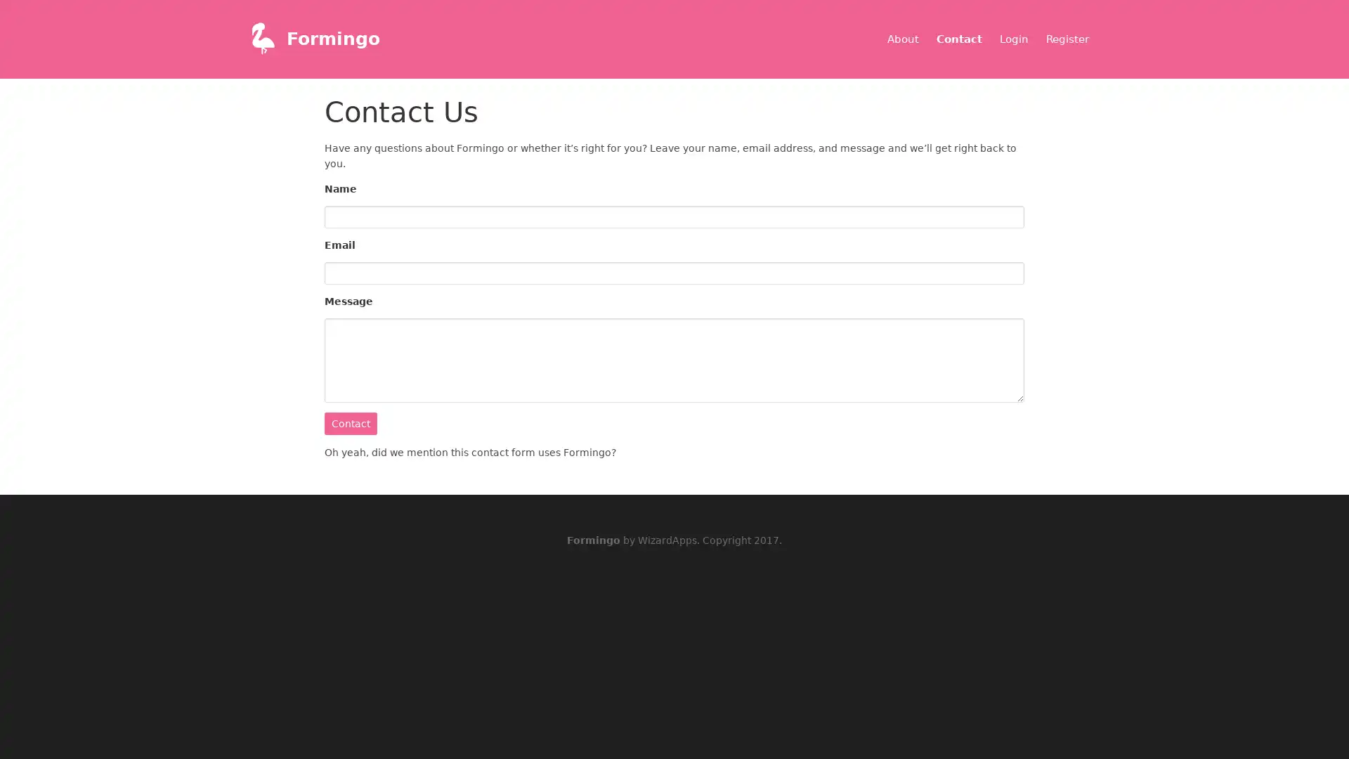 The image size is (1349, 759). What do you see at coordinates (350, 422) in the screenshot?
I see `Contact` at bounding box center [350, 422].